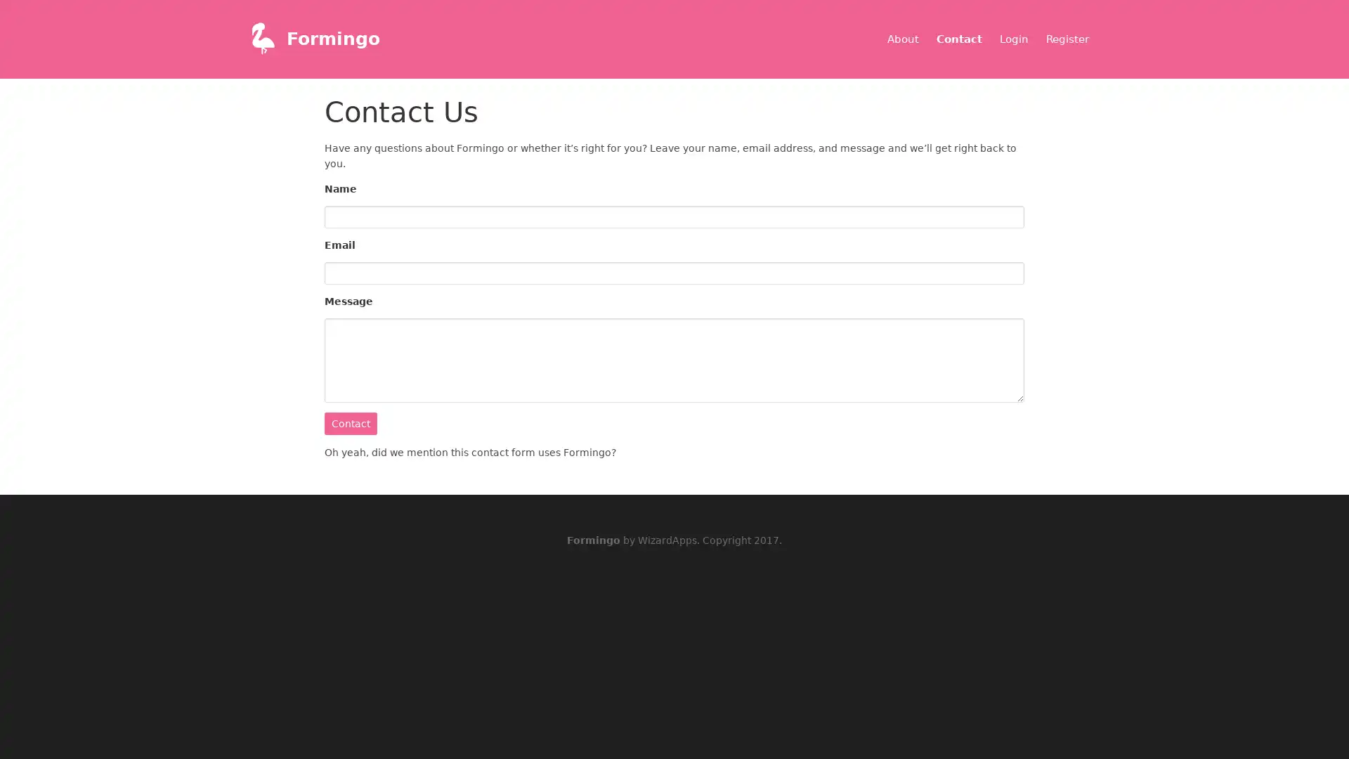 The image size is (1349, 759). What do you see at coordinates (350, 422) in the screenshot?
I see `Contact` at bounding box center [350, 422].